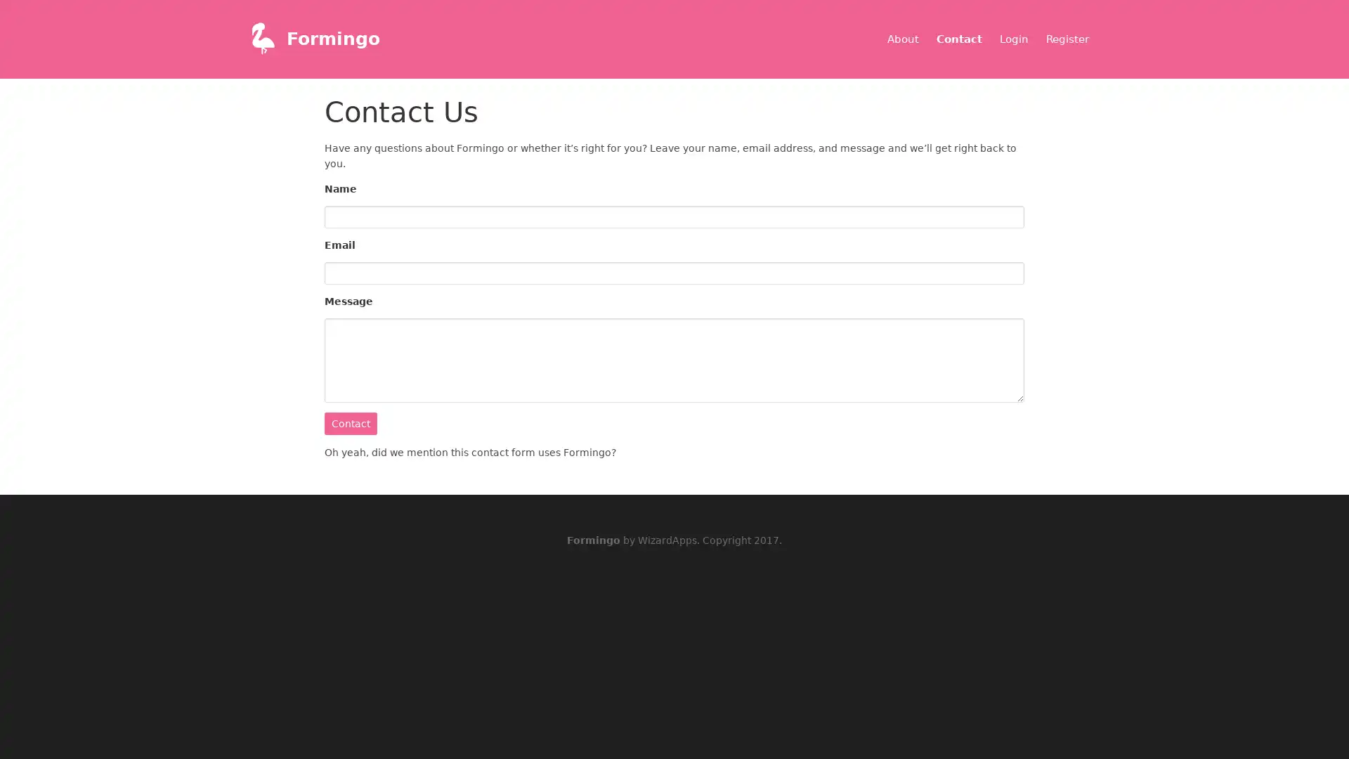 The image size is (1349, 759). What do you see at coordinates (350, 422) in the screenshot?
I see `Contact` at bounding box center [350, 422].